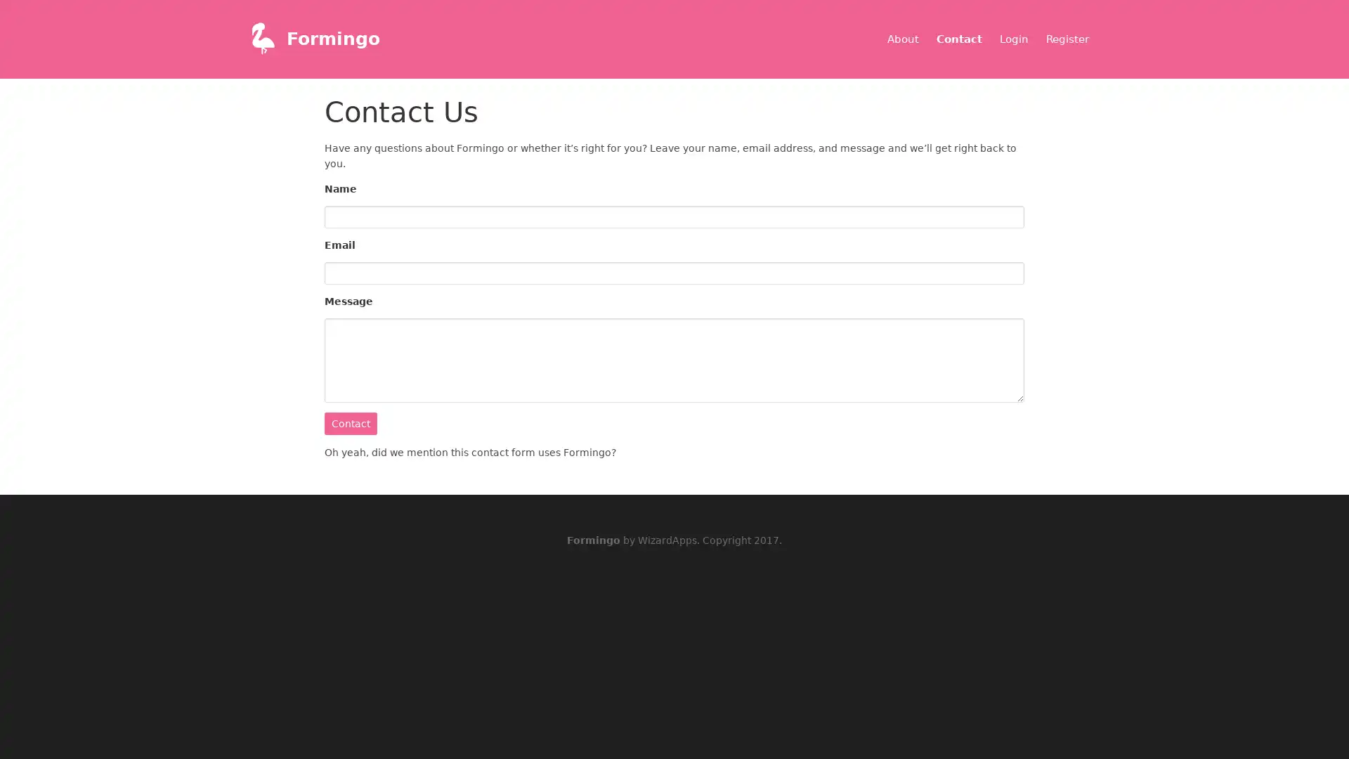 The image size is (1349, 759). What do you see at coordinates (350, 422) in the screenshot?
I see `Contact` at bounding box center [350, 422].